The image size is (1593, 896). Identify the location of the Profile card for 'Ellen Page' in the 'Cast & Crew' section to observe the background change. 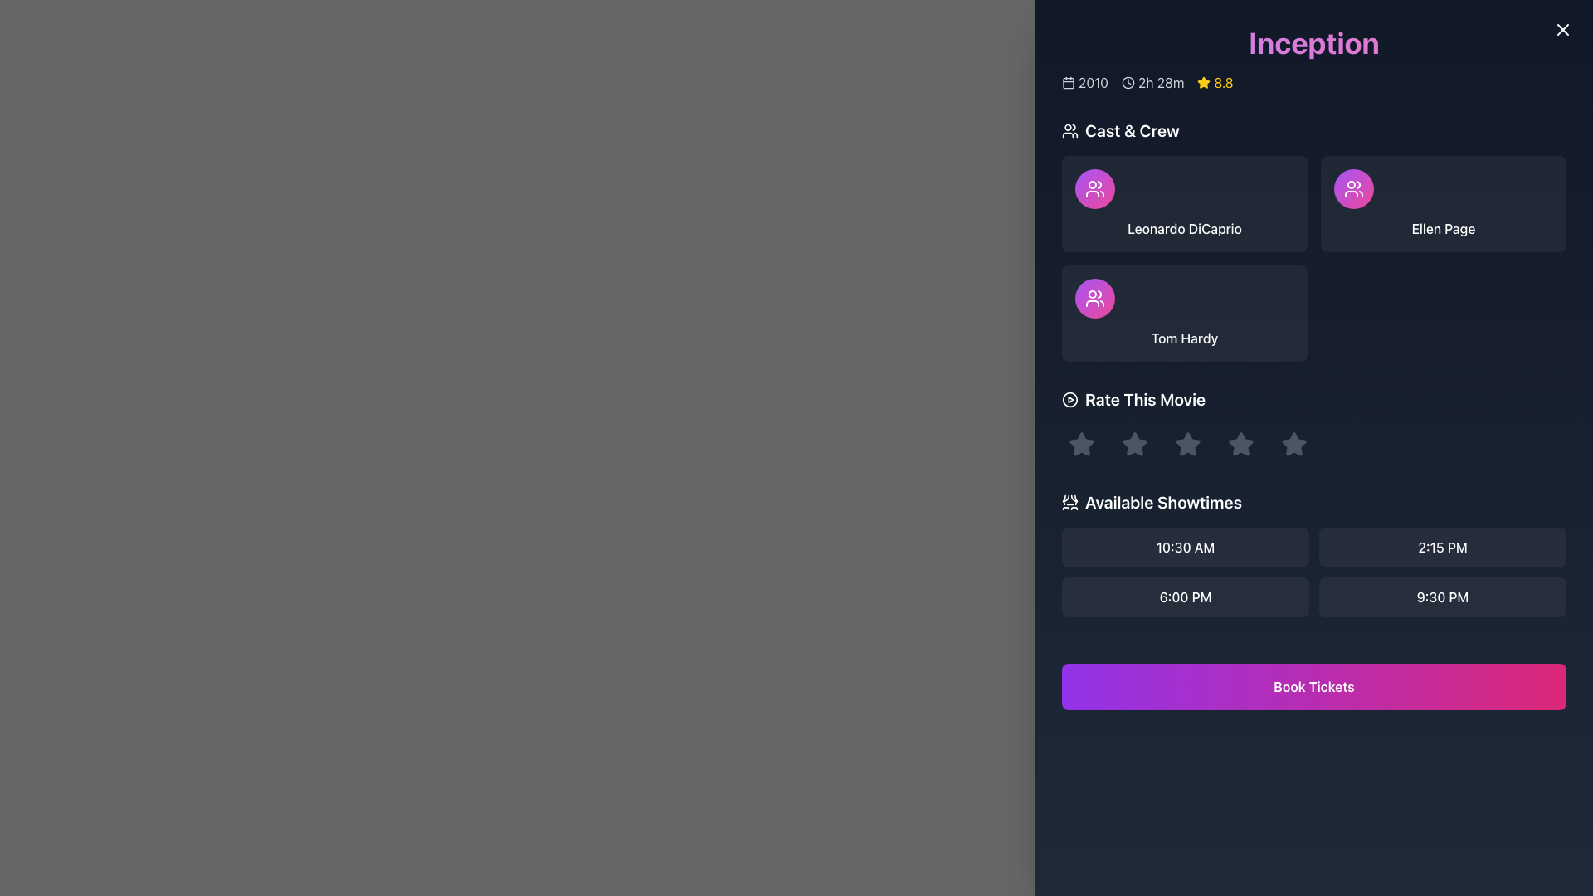
(1442, 203).